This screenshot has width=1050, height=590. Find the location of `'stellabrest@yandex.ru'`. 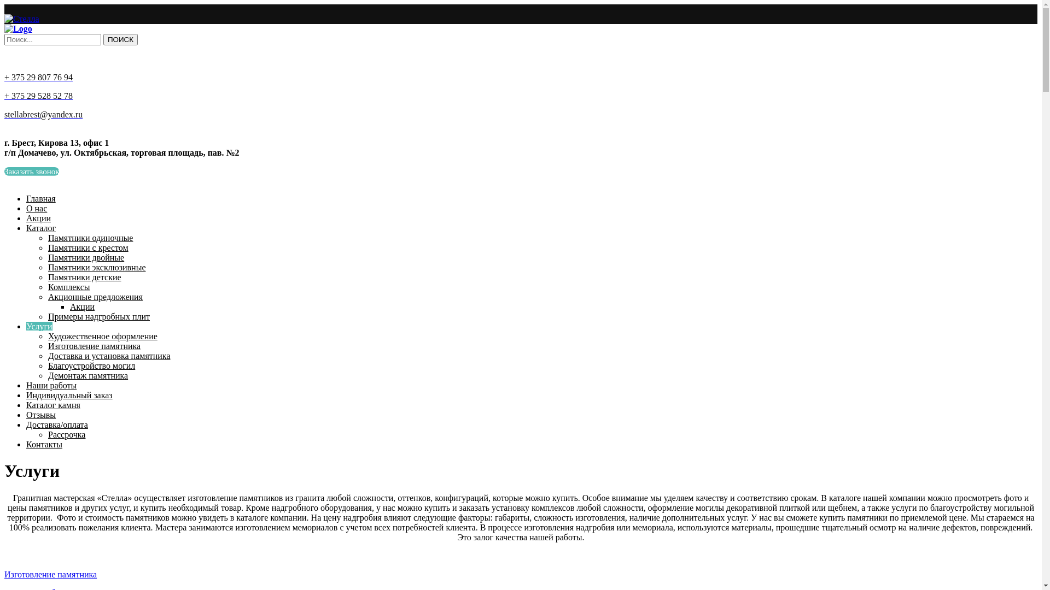

'stellabrest@yandex.ru' is located at coordinates (4, 114).